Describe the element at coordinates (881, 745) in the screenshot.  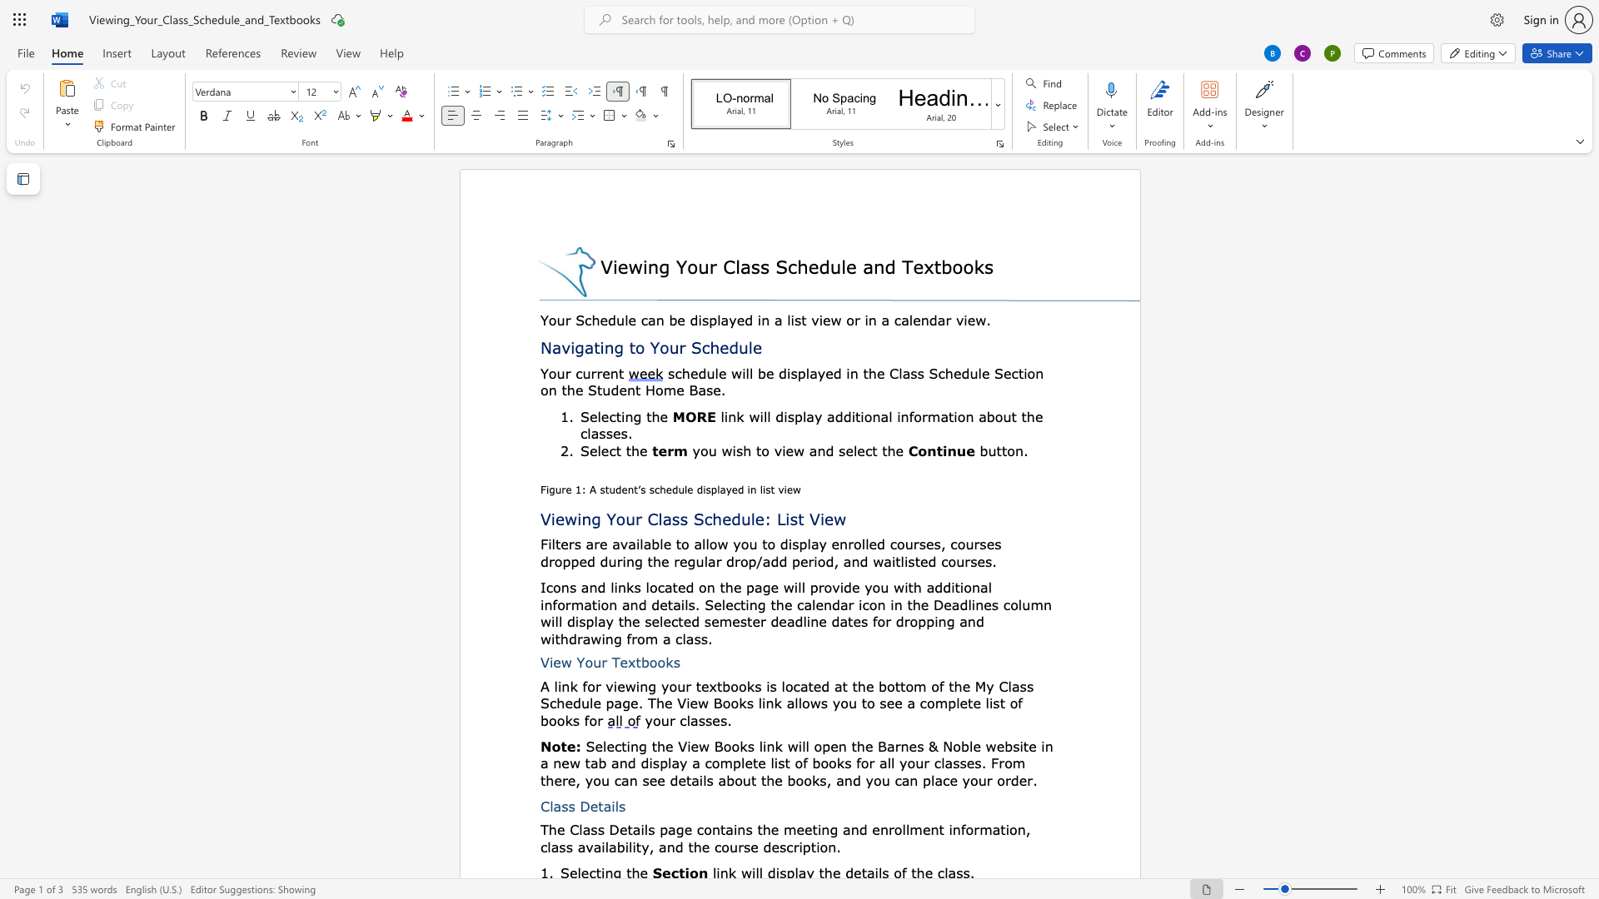
I see `the 2th character "B" in the text` at that location.